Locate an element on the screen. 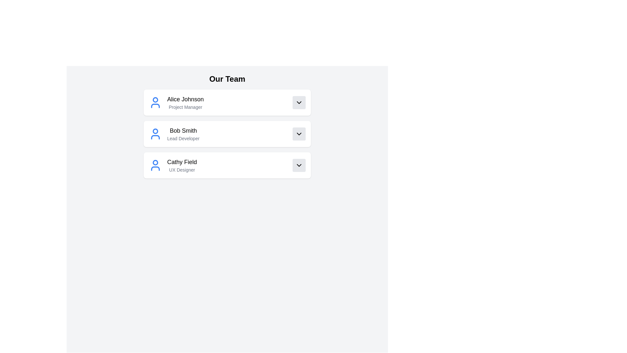 Image resolution: width=627 pixels, height=353 pixels. the chevron down icon within the button for 'Bob Smith - Lead Developer' is located at coordinates (299, 133).